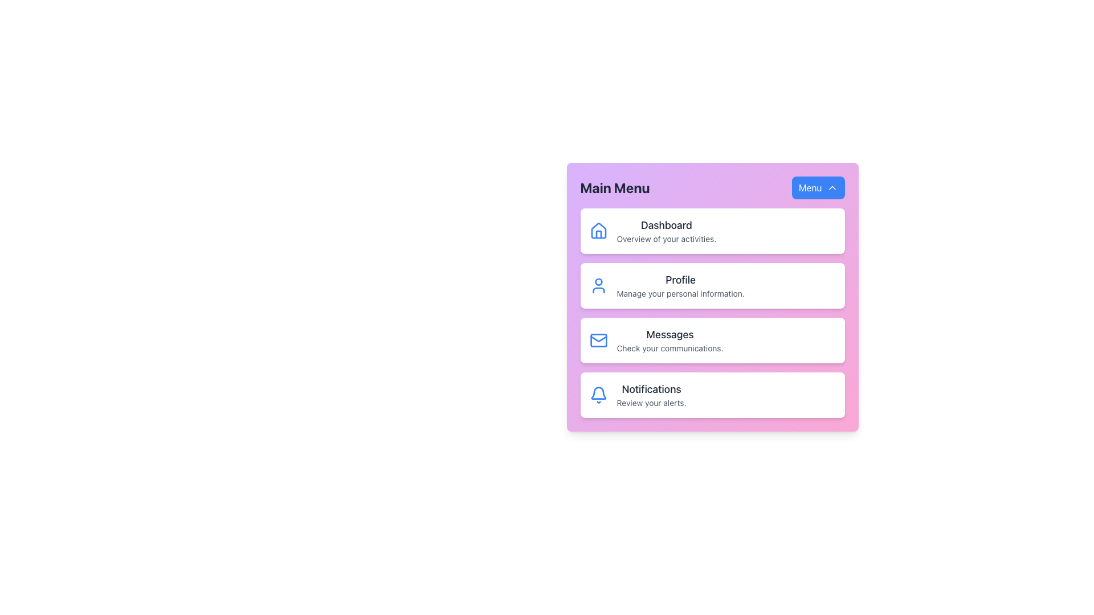 This screenshot has height=615, width=1094. What do you see at coordinates (712, 339) in the screenshot?
I see `the third Card-like Button in the vertical menu list` at bounding box center [712, 339].